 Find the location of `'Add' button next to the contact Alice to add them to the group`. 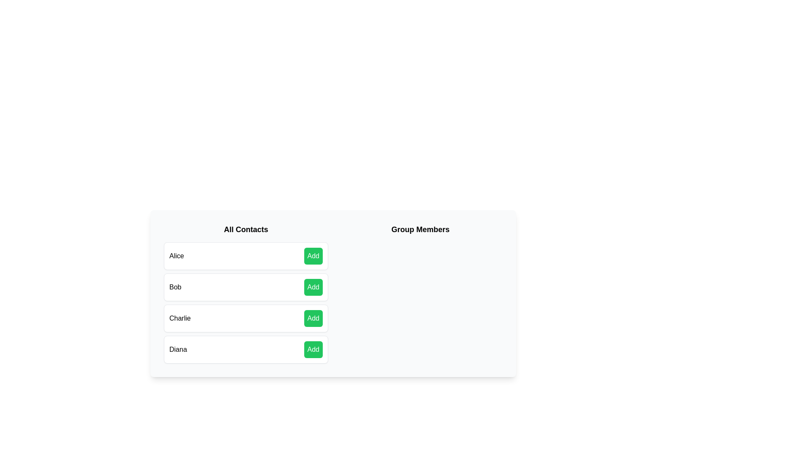

'Add' button next to the contact Alice to add them to the group is located at coordinates (313, 256).